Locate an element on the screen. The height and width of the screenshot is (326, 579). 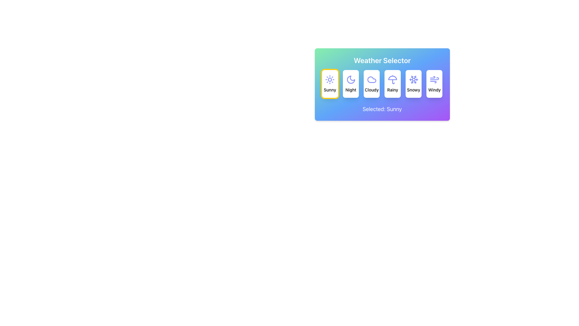
properties of the 'Windy' weather icon represented by a bluish arc and dot in the SVG graphic is located at coordinates (433, 82).